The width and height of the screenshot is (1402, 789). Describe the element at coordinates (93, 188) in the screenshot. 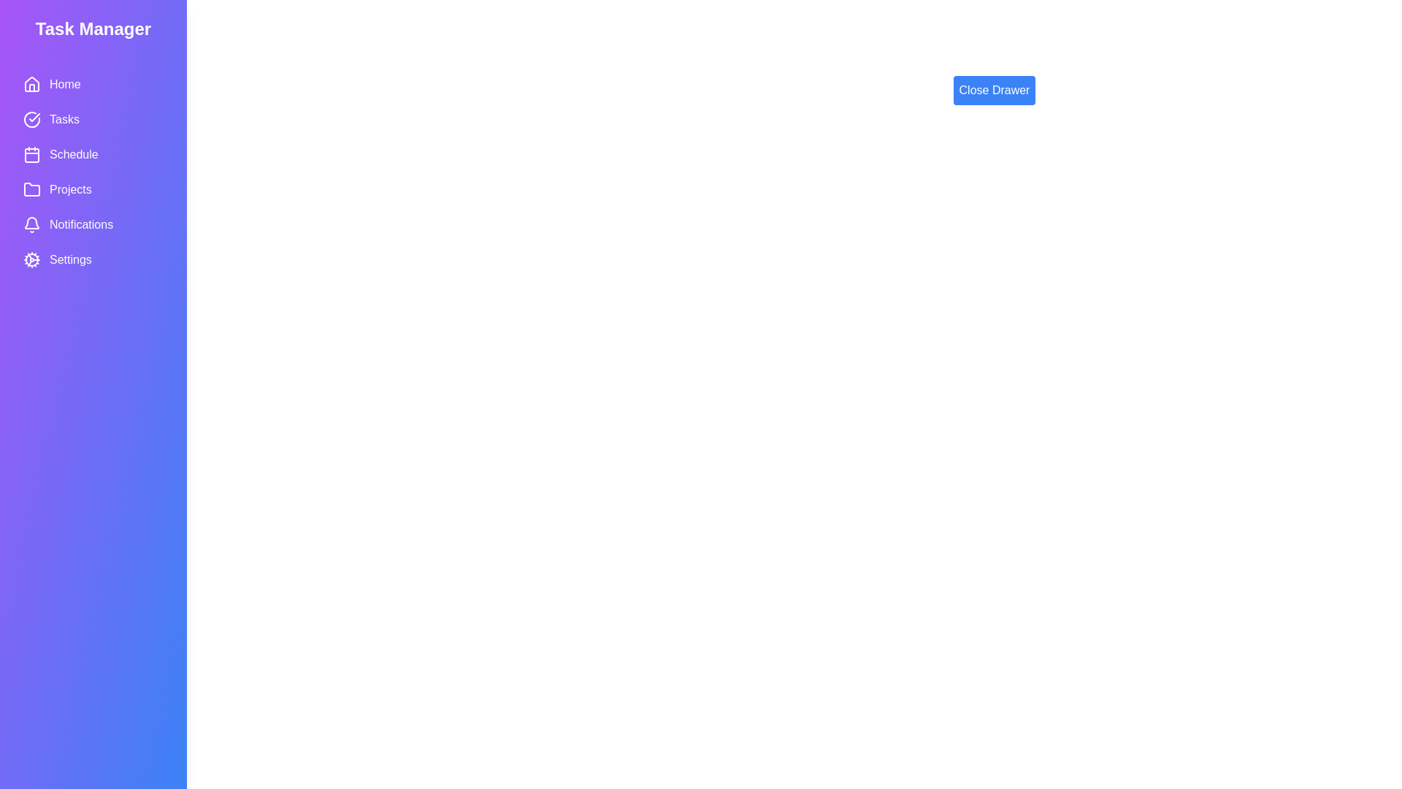

I see `the menu item Projects from the Task Manager Drawer` at that location.